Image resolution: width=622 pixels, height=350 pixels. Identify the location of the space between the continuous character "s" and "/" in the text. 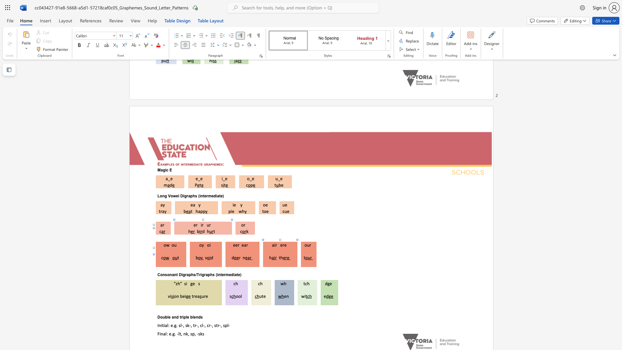
(195, 275).